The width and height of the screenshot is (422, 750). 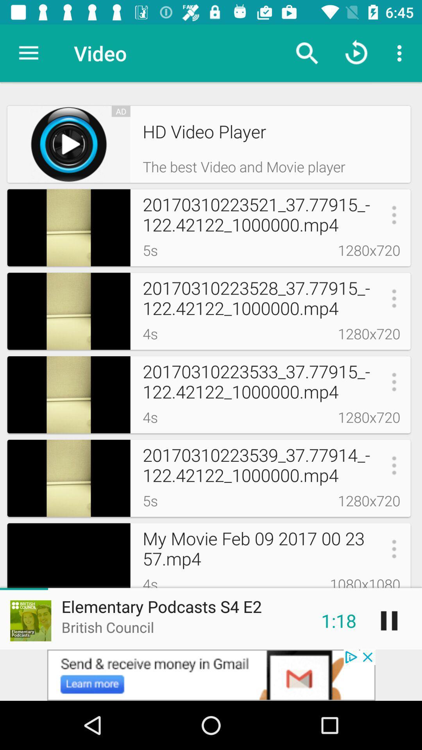 What do you see at coordinates (211, 675) in the screenshot?
I see `advertisement` at bounding box center [211, 675].